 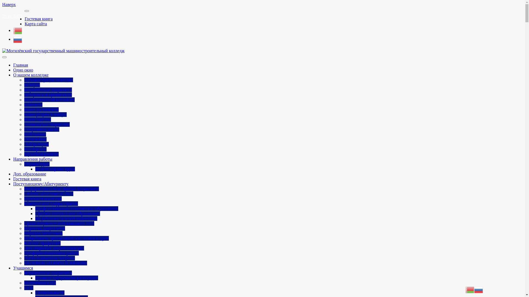 What do you see at coordinates (4, 57) in the screenshot?
I see `'Toggle navigation'` at bounding box center [4, 57].